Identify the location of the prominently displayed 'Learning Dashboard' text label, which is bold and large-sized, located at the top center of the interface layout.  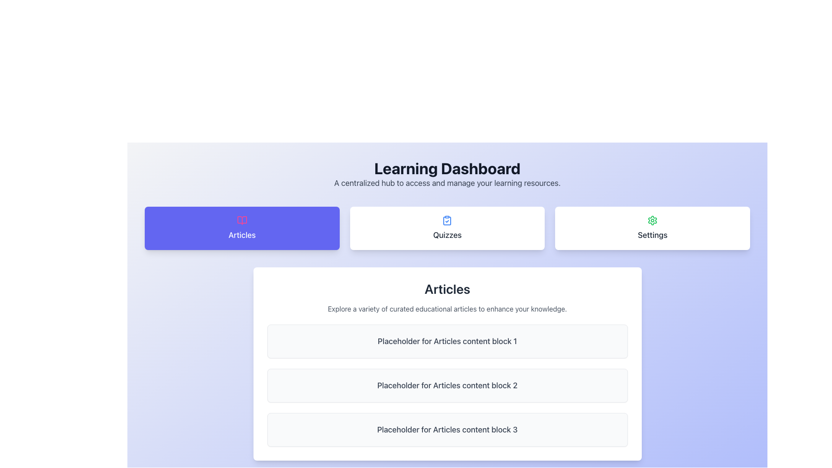
(447, 169).